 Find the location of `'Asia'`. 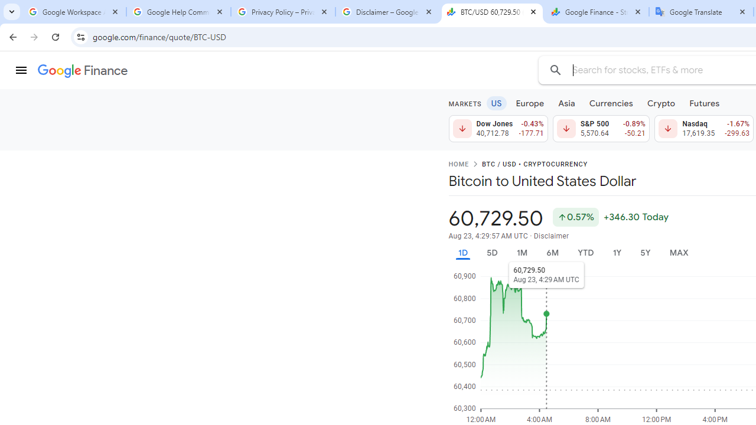

'Asia' is located at coordinates (566, 102).